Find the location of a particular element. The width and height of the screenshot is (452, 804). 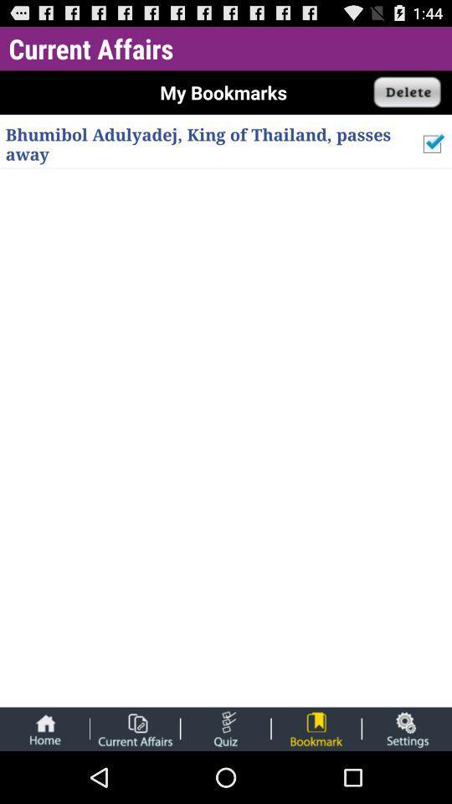

home button is located at coordinates (44, 728).